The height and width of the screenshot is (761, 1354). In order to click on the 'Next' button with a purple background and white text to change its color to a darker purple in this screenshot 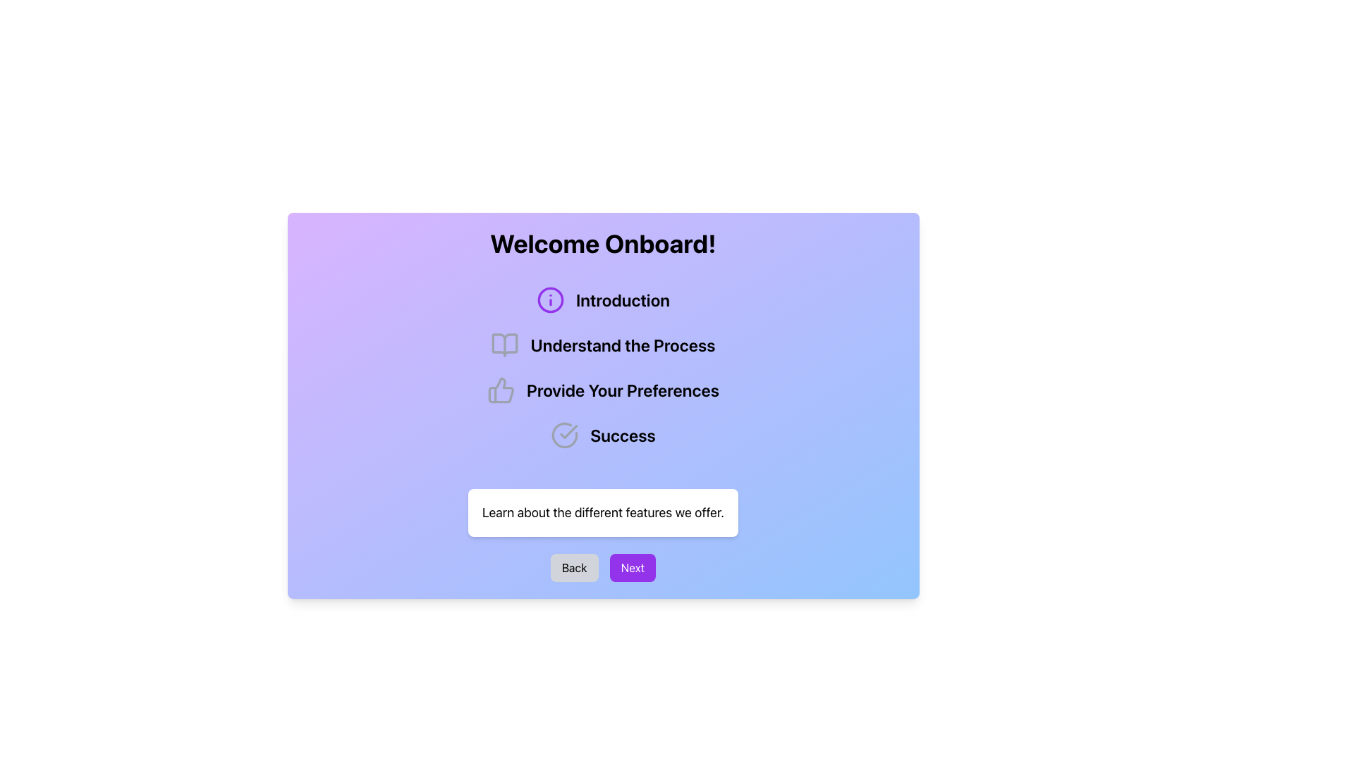, I will do `click(632, 567)`.